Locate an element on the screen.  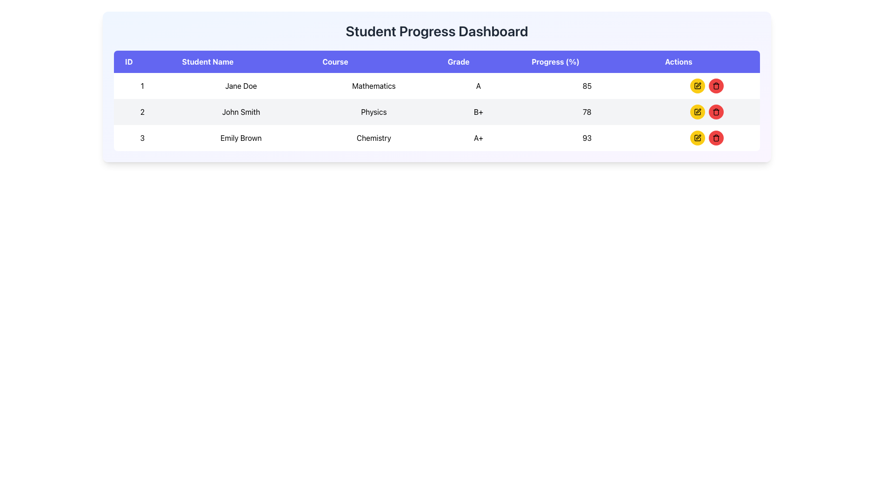
the delete icon in the horizontal group of buttons located in the 'Actions' column of the table row for 'Emily Brown' is located at coordinates (706, 138).